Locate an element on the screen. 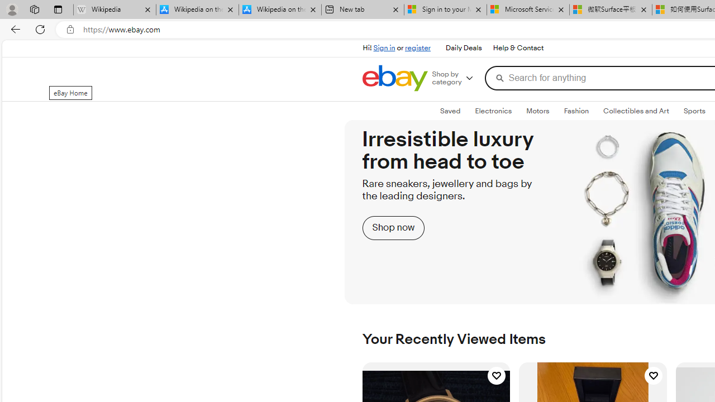 Image resolution: width=715 pixels, height=402 pixels. 'Sign in to your Microsoft account' is located at coordinates (445, 9).